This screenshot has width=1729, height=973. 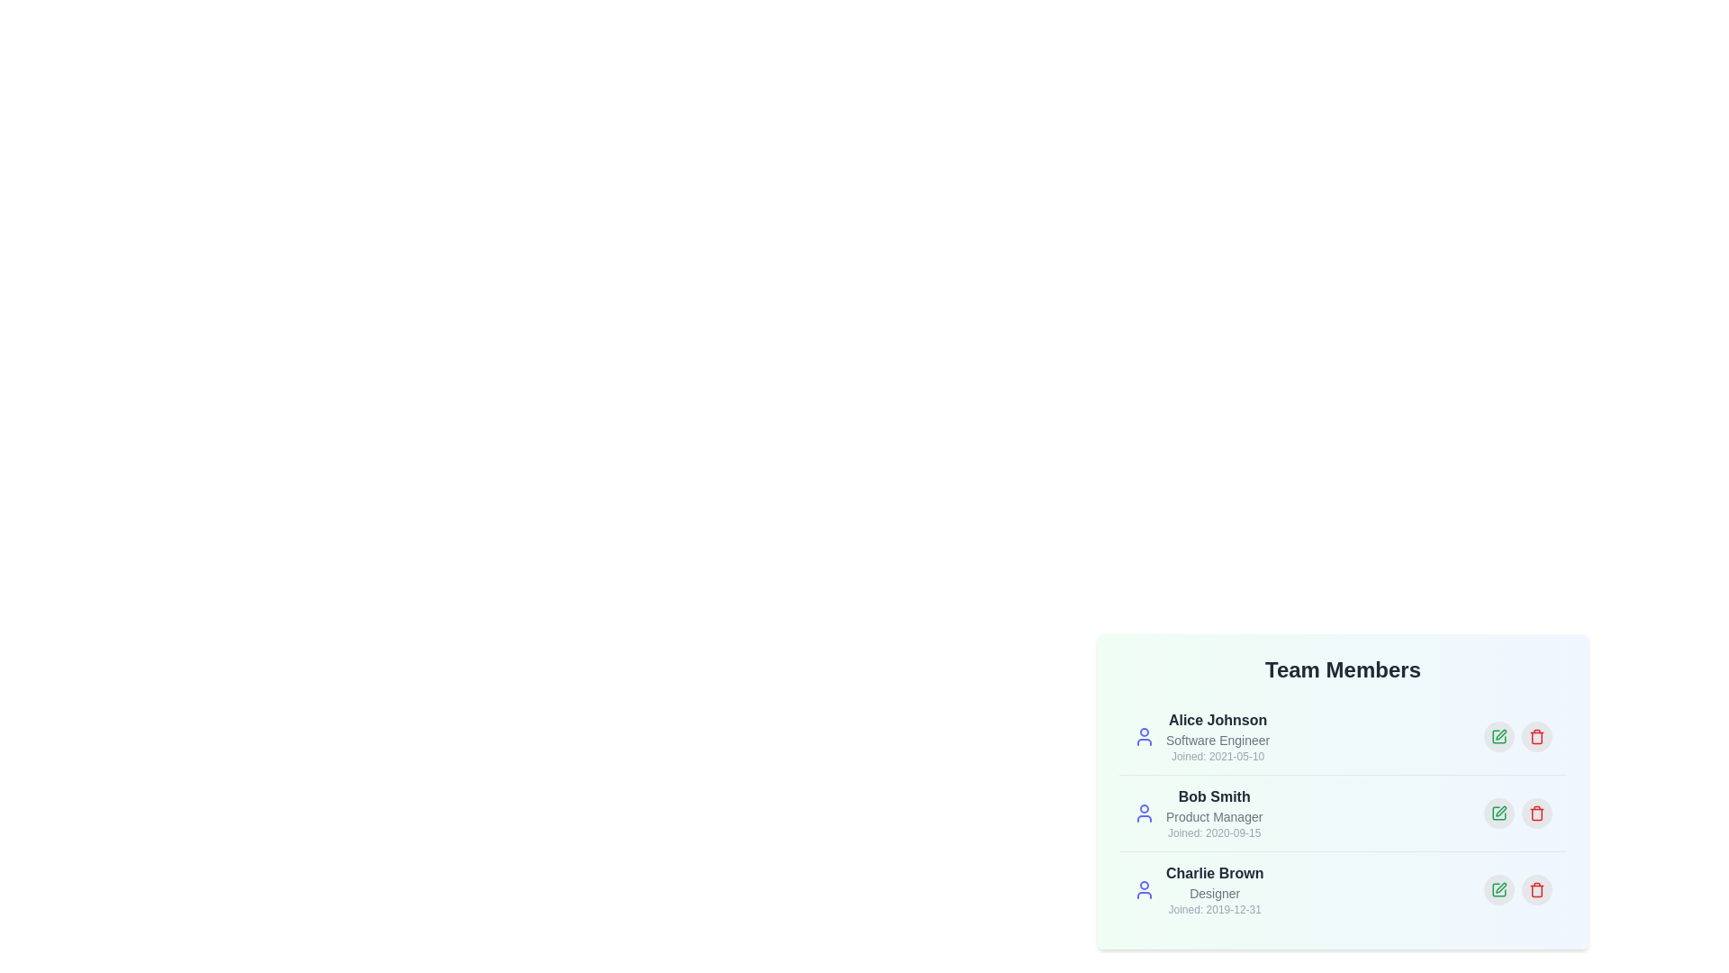 What do you see at coordinates (1536, 813) in the screenshot?
I see `delete button for the user profile Bob Smith` at bounding box center [1536, 813].